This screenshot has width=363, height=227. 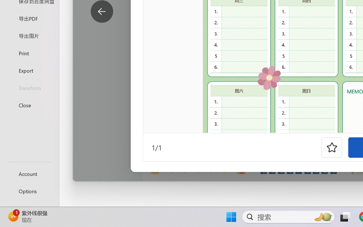 What do you see at coordinates (29, 191) in the screenshot?
I see `'Options'` at bounding box center [29, 191].